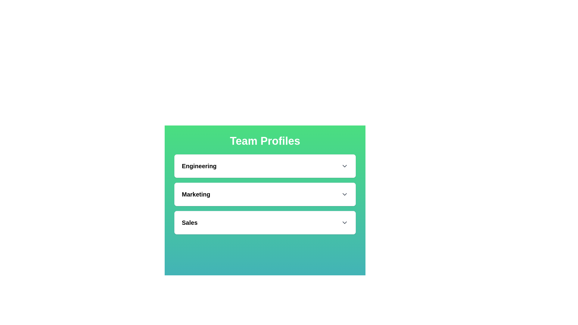 The width and height of the screenshot is (578, 325). I want to click on the 'Engineering' dropdown menu item, so click(265, 166).